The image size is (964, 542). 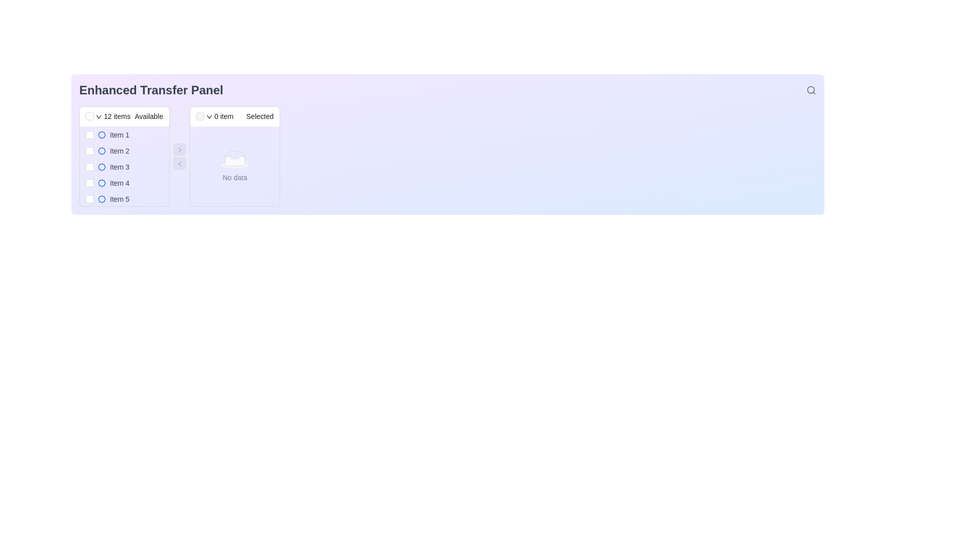 I want to click on the circular badge with a blue outline located to the left of 'Item 3' in the list, so click(x=101, y=166).